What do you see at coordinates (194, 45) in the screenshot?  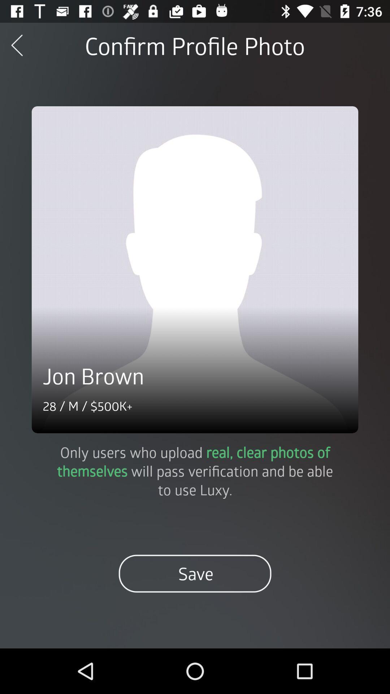 I see `confirm profile photo` at bounding box center [194, 45].